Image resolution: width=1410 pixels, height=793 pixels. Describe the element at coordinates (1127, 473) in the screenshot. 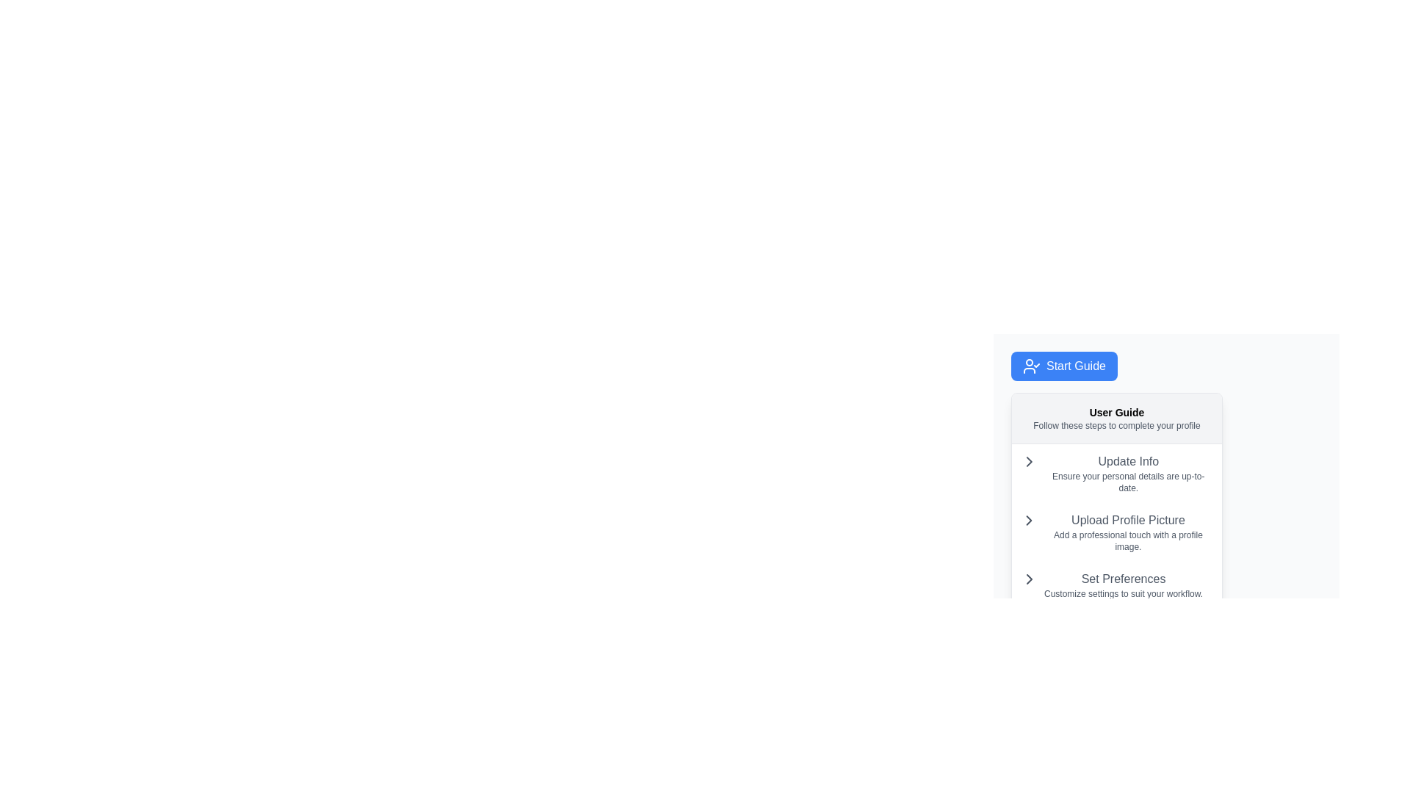

I see `the 'Update Info' text-based informational element, which consists of a larger, bolder label and a smaller secondary text, located in the vertical list of items` at that location.